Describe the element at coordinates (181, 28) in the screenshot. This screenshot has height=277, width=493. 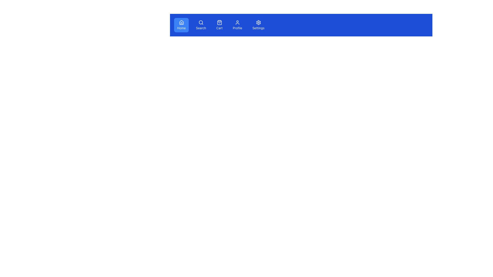
I see `the 'Home' text label, which is a small label in a thin, sans-serif font located beneath a house icon in a blue rounded-corner button in the top-left of the application interface` at that location.